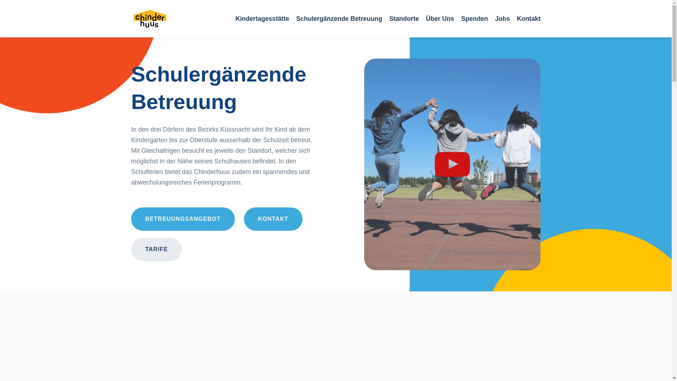 The image size is (677, 381). What do you see at coordinates (502, 18) in the screenshot?
I see `'Jobs'` at bounding box center [502, 18].